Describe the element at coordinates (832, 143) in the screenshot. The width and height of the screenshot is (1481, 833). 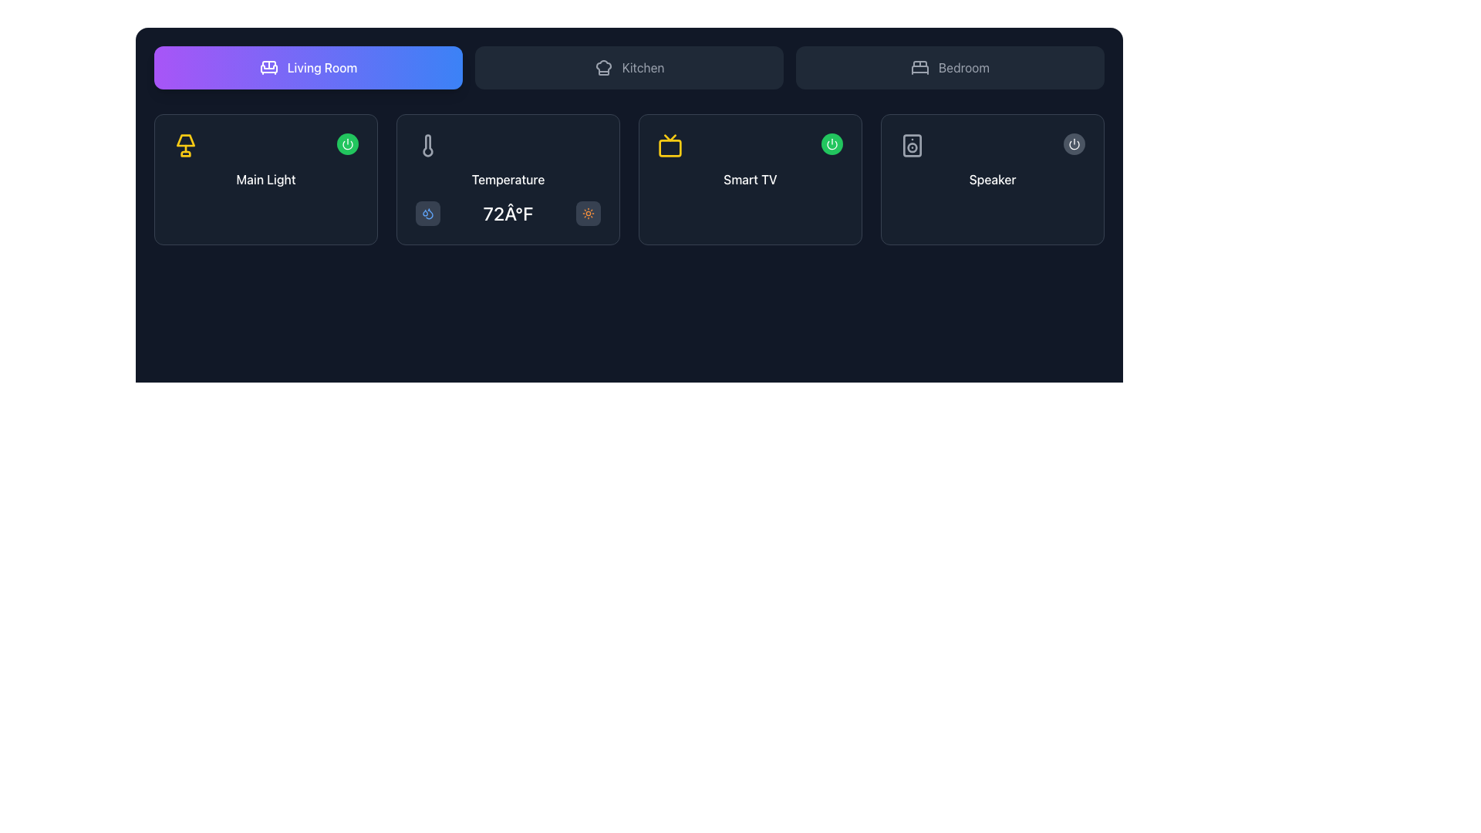
I see `the power toggle button for the 'Smart TV' feature located in the top-right corner of the widget` at that location.